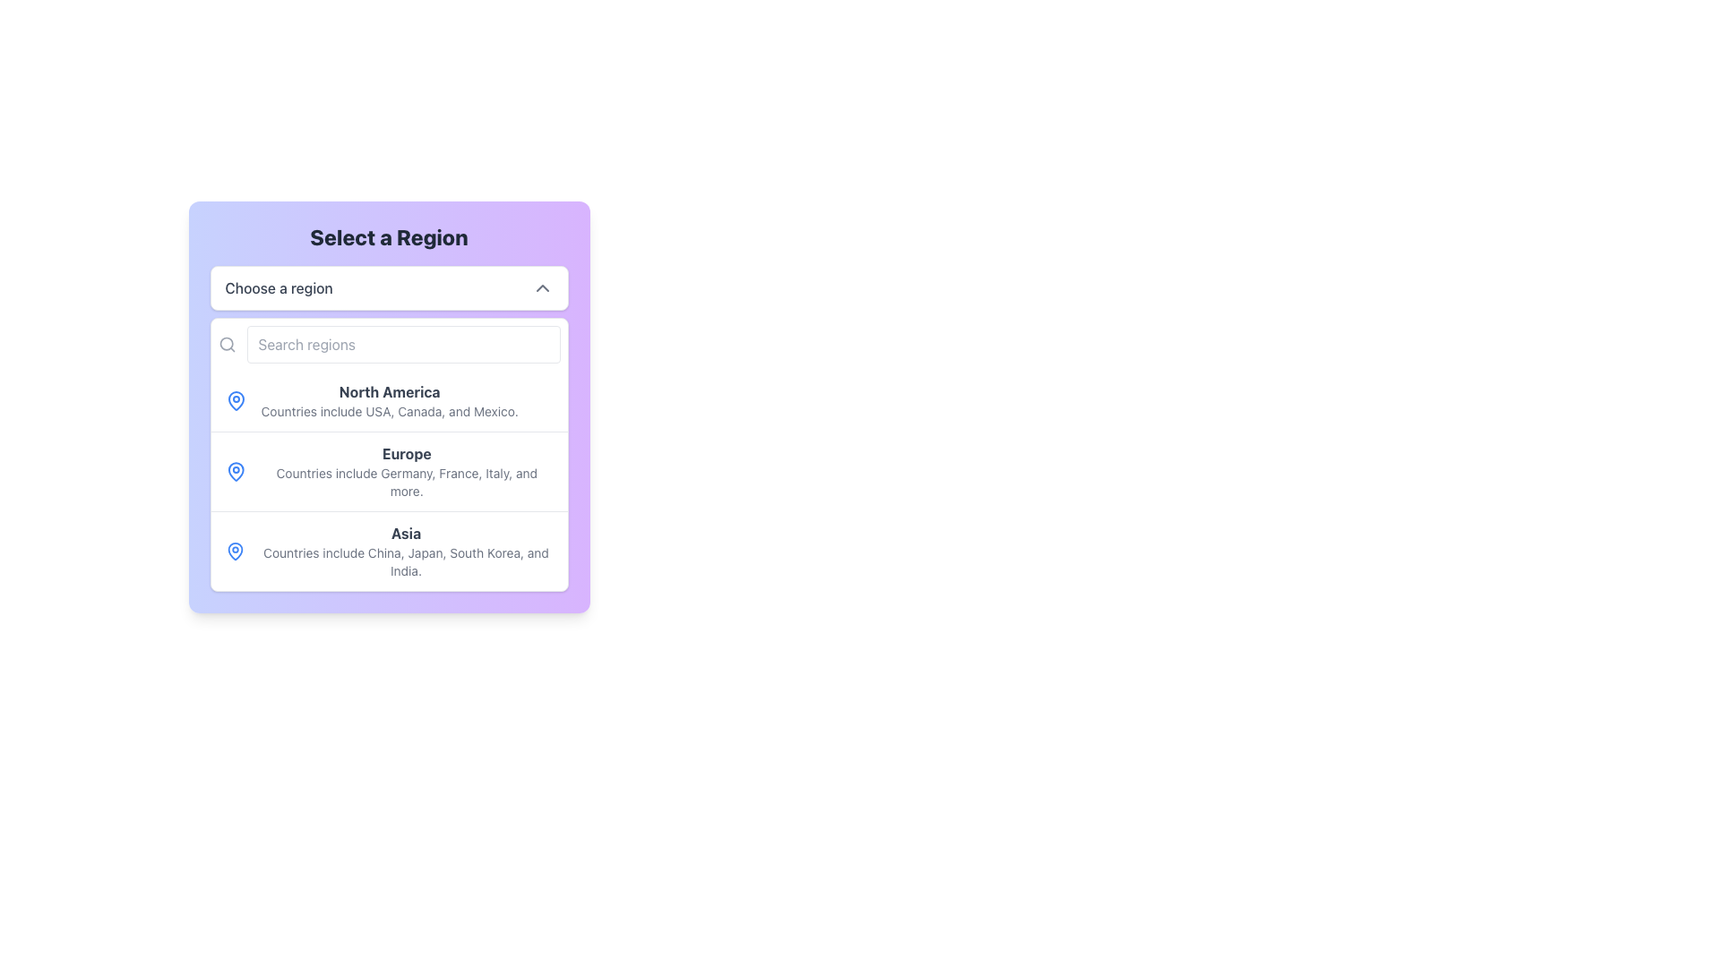 This screenshot has height=967, width=1720. I want to click on the third list item in the dropdown menu under 'Select a Region', so click(388, 551).